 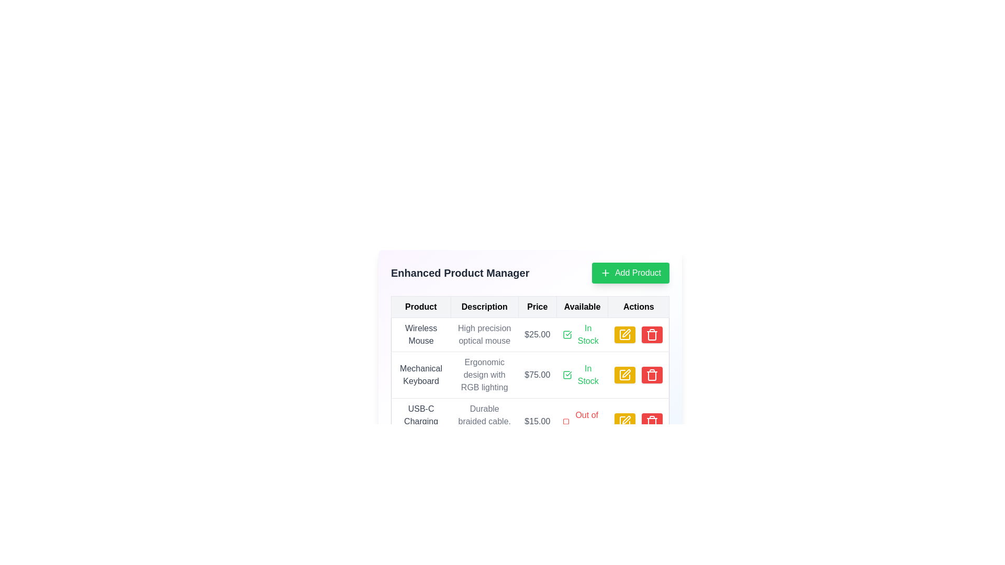 I want to click on the trash can button located in the 'Actions' column of the table, so click(x=651, y=335).